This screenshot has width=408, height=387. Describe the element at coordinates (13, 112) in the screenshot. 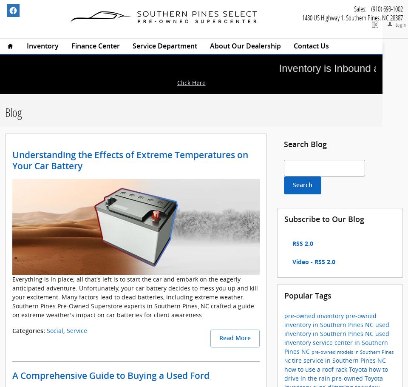

I see `'Blog'` at that location.